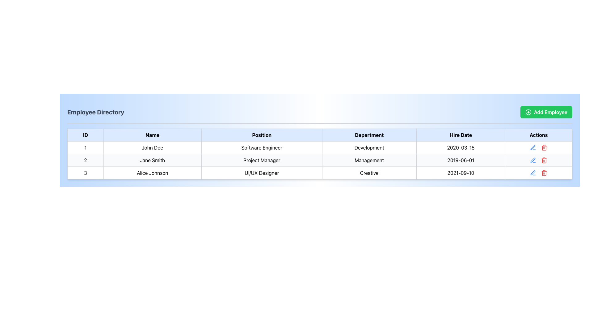 Image resolution: width=593 pixels, height=333 pixels. I want to click on the outline of the trash can icon located in the 'Actions' column of the last row entry in the data table, so click(544, 173).